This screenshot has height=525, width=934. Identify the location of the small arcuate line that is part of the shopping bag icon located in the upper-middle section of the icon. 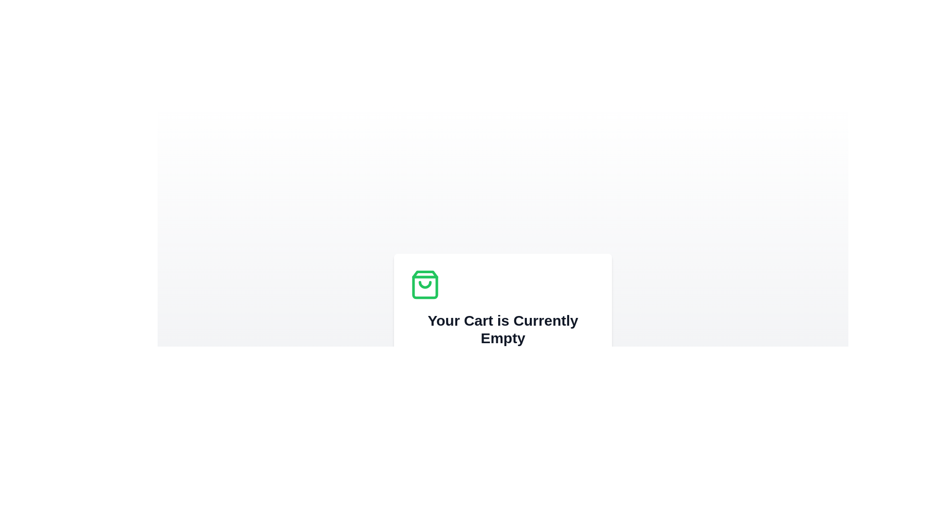
(425, 284).